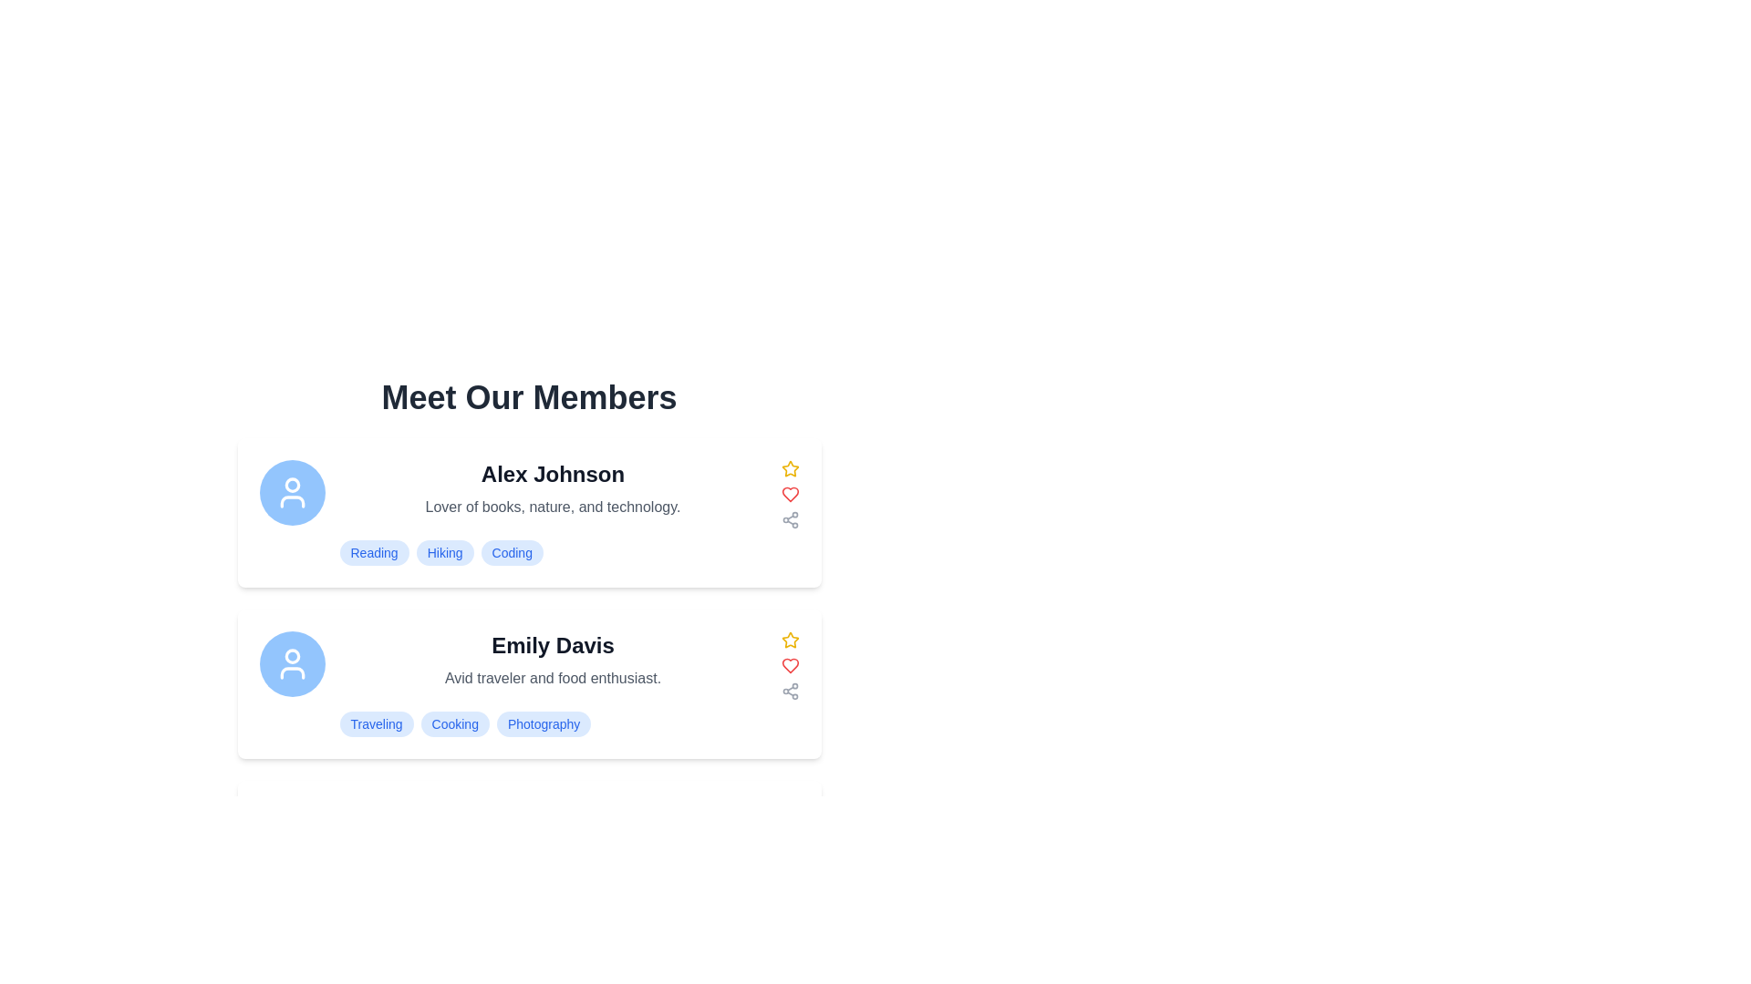 Image resolution: width=1751 pixels, height=984 pixels. I want to click on the share icon for the profile of Alex Johnson, so click(790, 519).